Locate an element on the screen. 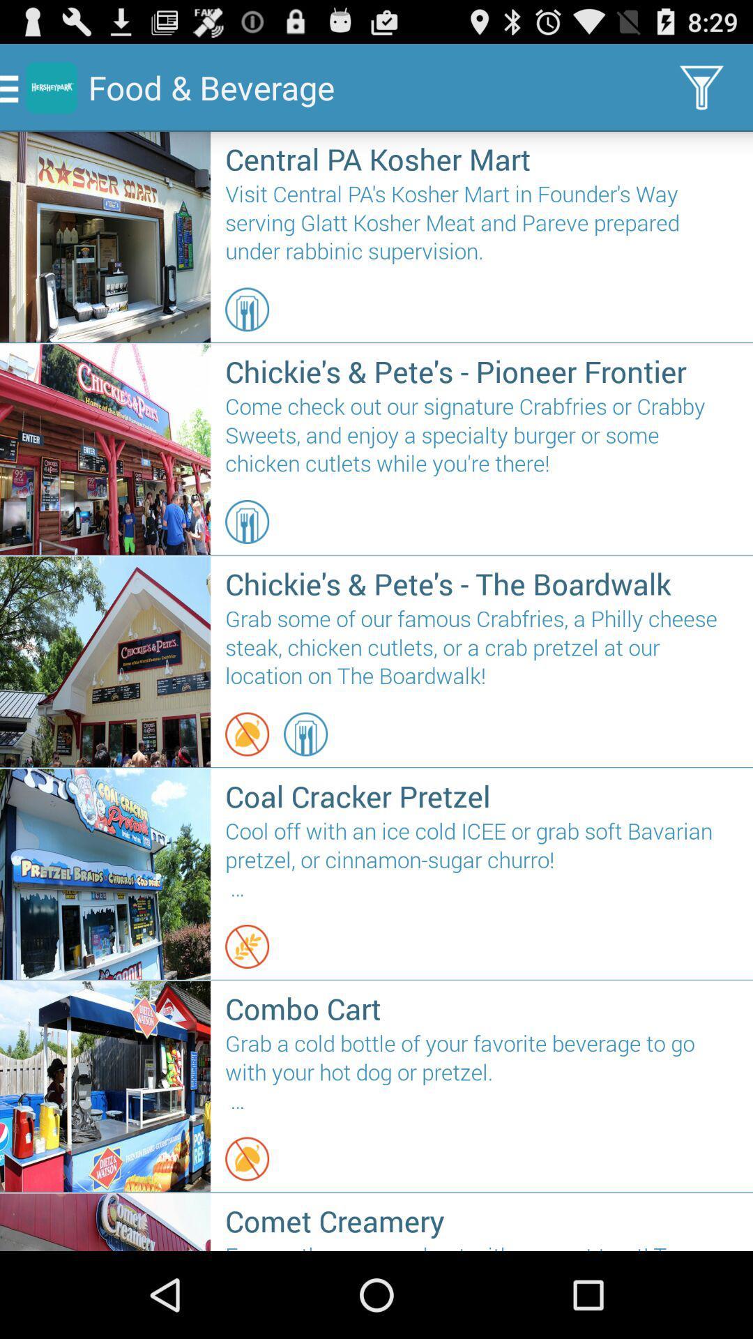  comet creamery icon is located at coordinates (481, 1220).